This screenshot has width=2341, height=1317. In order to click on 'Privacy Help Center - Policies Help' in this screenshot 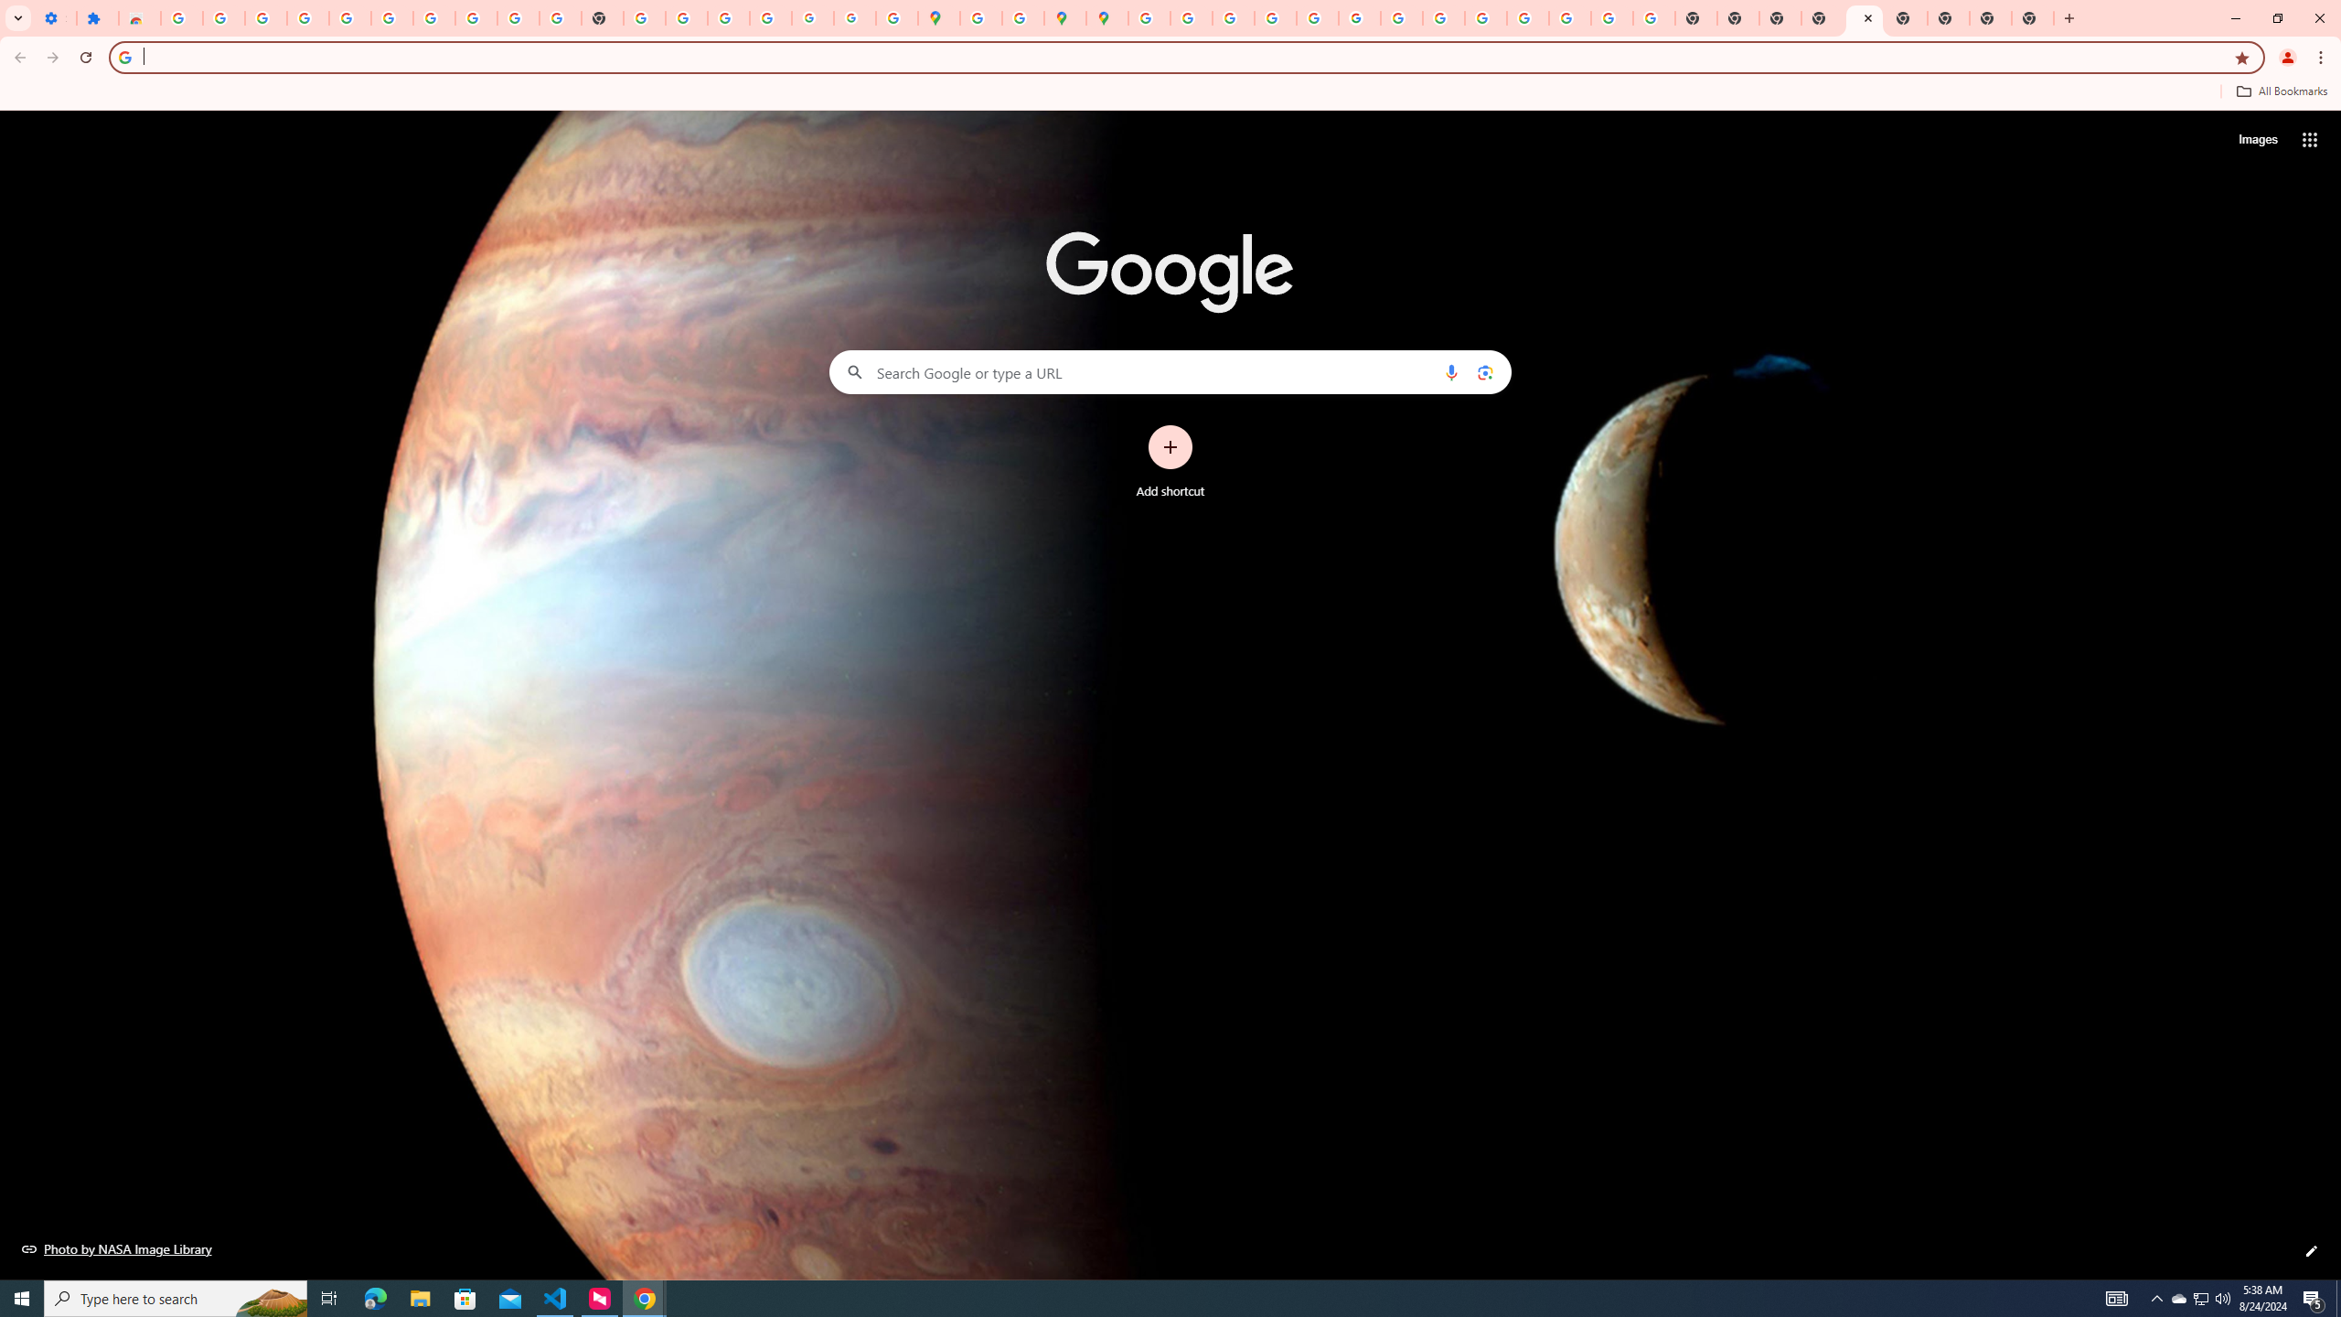, I will do `click(1231, 17)`.